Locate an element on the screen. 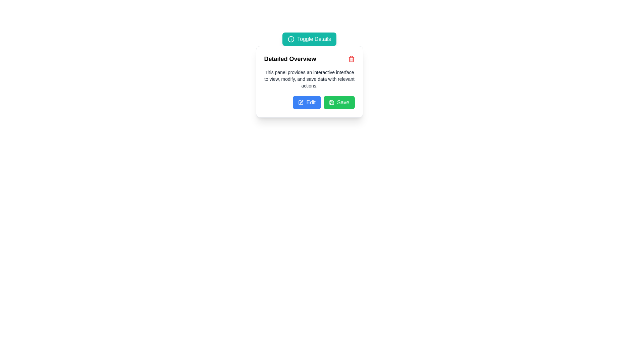  the circular info icon located on the left side of the 'Toggle Details' button, next to its label text is located at coordinates (291, 39).